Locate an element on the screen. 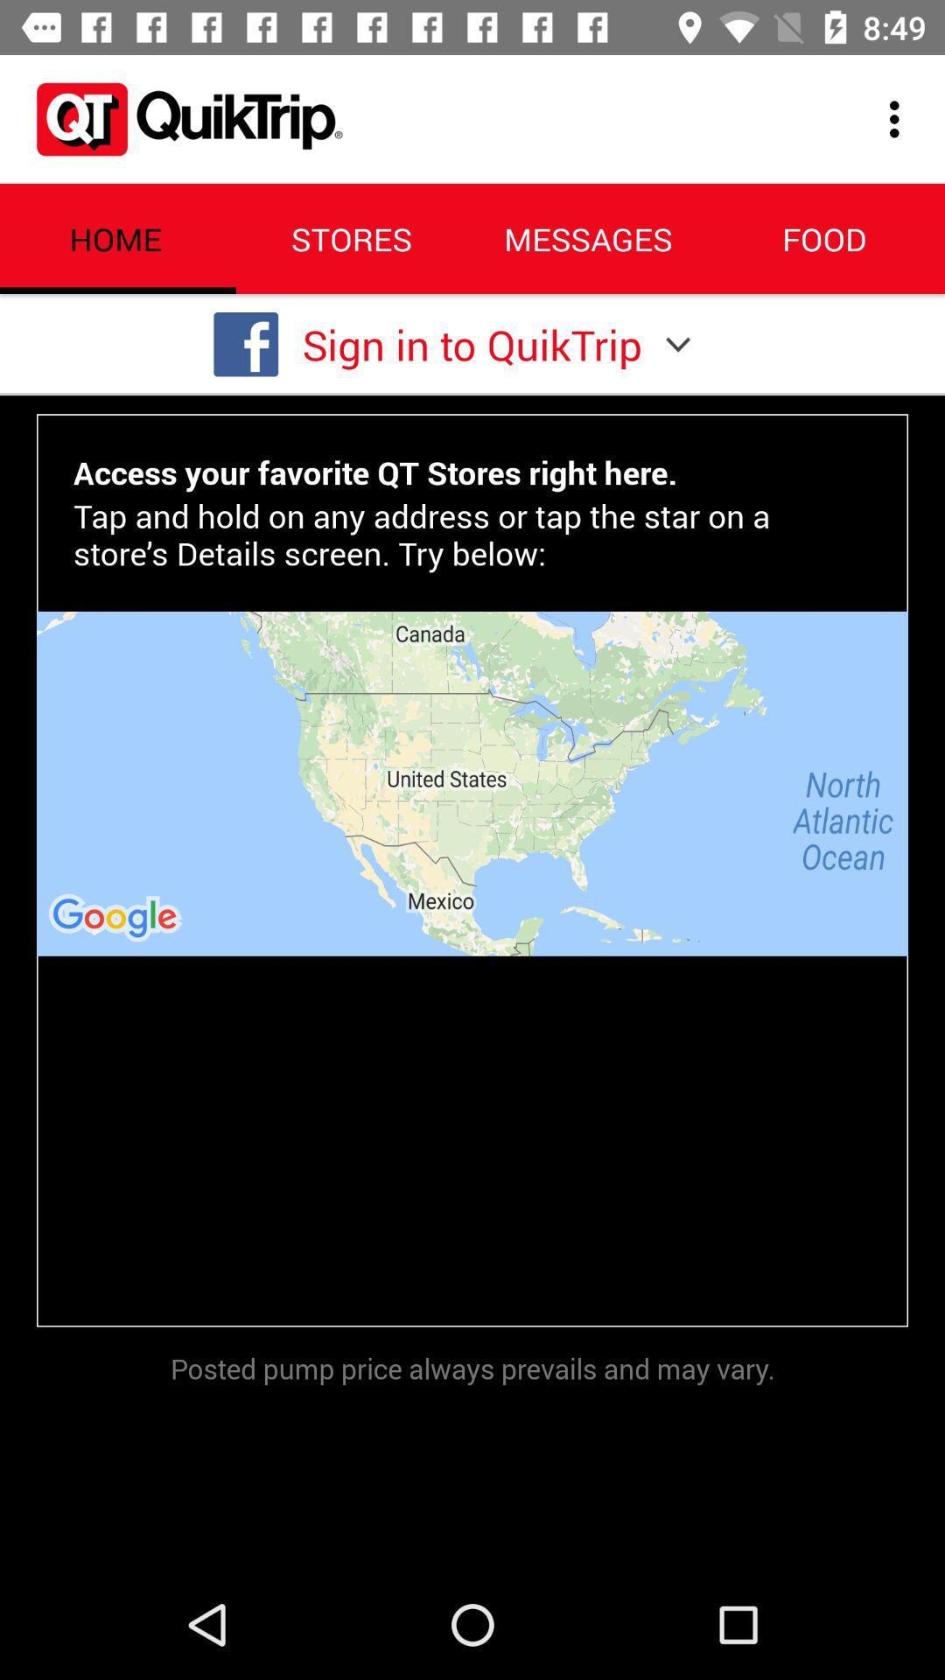 The width and height of the screenshot is (945, 1680). the icon to the right of the messages is located at coordinates (899, 118).